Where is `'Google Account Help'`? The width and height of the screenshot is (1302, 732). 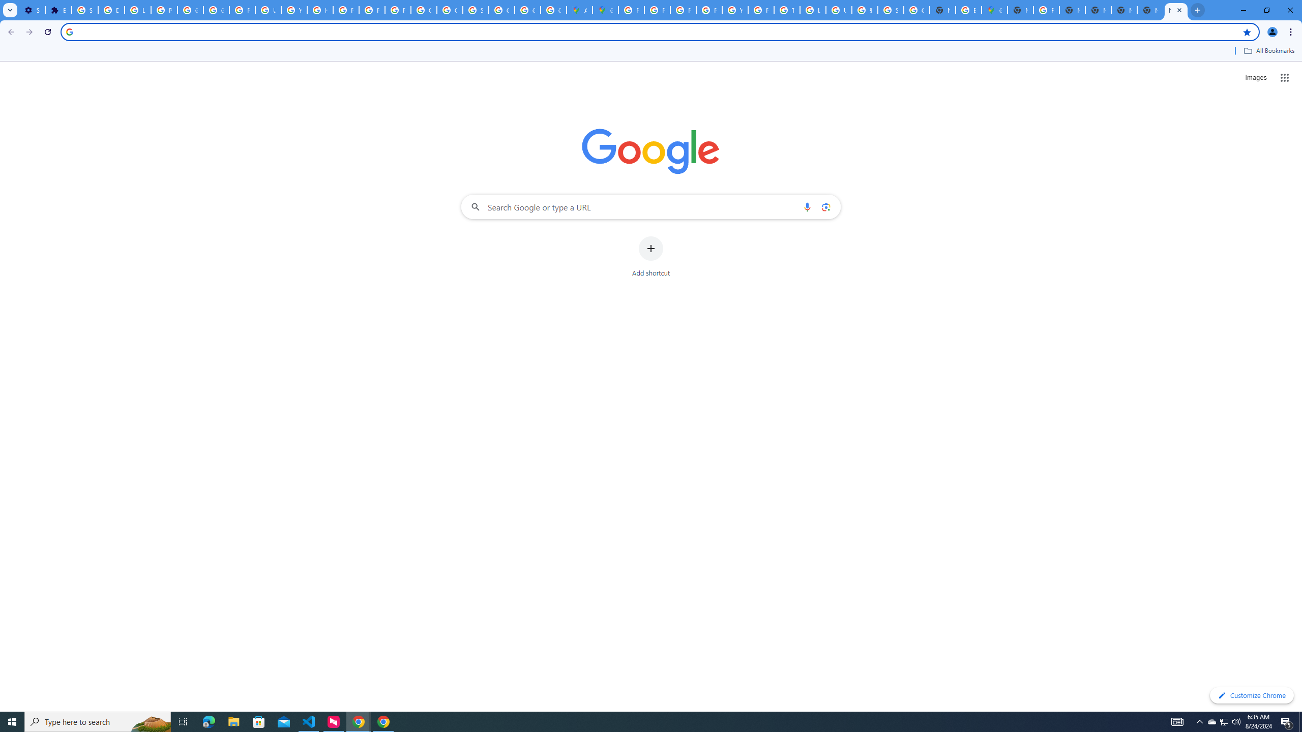 'Google Account Help' is located at coordinates (216, 10).